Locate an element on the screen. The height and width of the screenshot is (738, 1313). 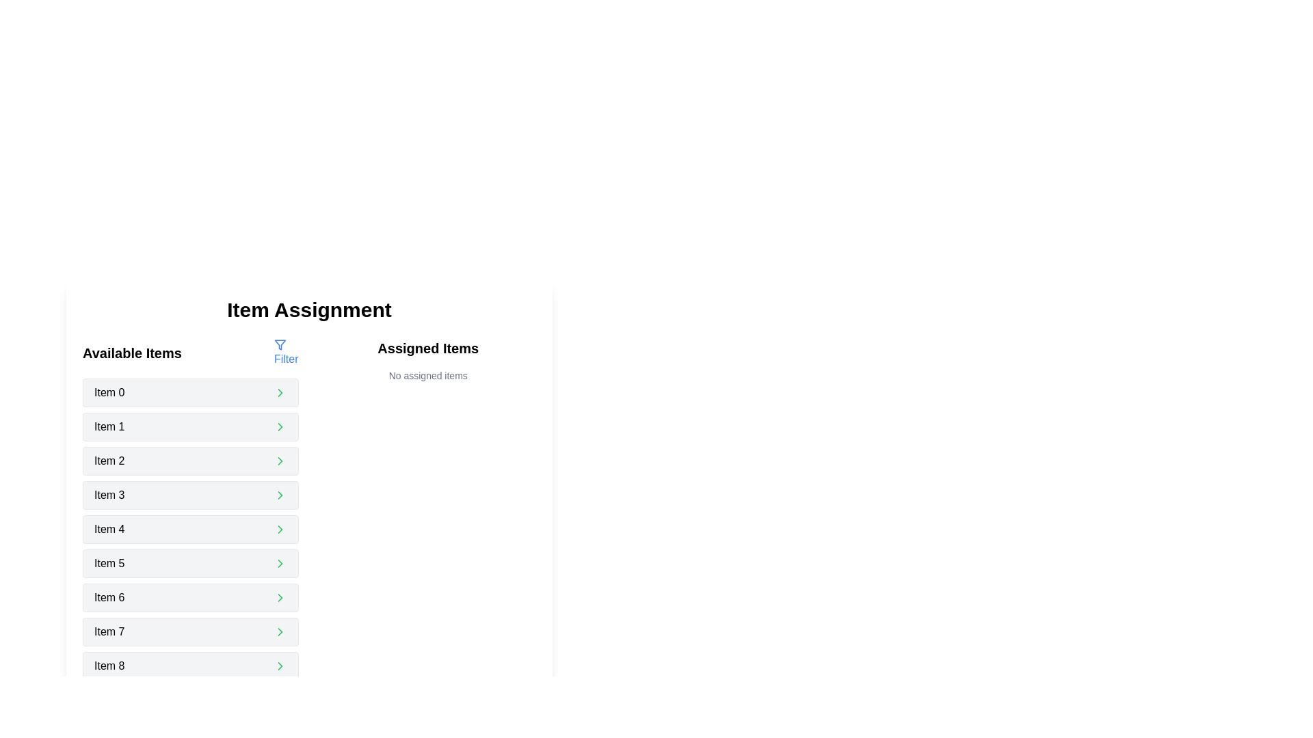
the text label displaying 'Item 6' in the 'Available Items' column, which is styled with a bold typeface and appears in a white box with gray borders is located at coordinates (109, 597).